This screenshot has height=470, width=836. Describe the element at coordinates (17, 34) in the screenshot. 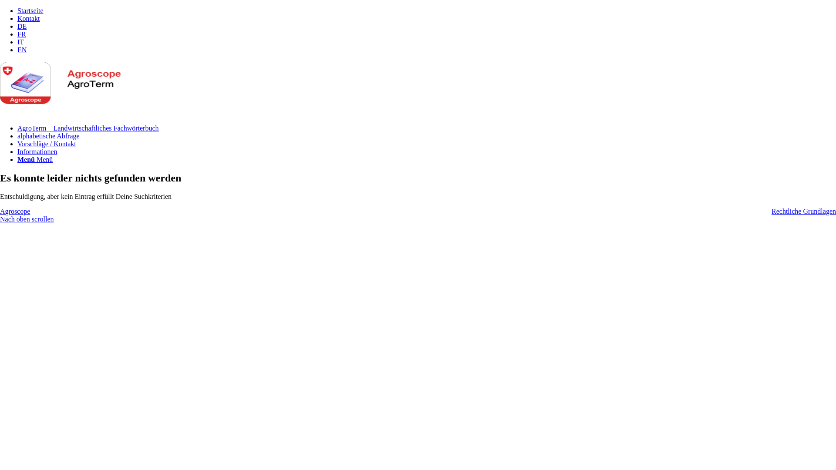

I see `'FR'` at that location.